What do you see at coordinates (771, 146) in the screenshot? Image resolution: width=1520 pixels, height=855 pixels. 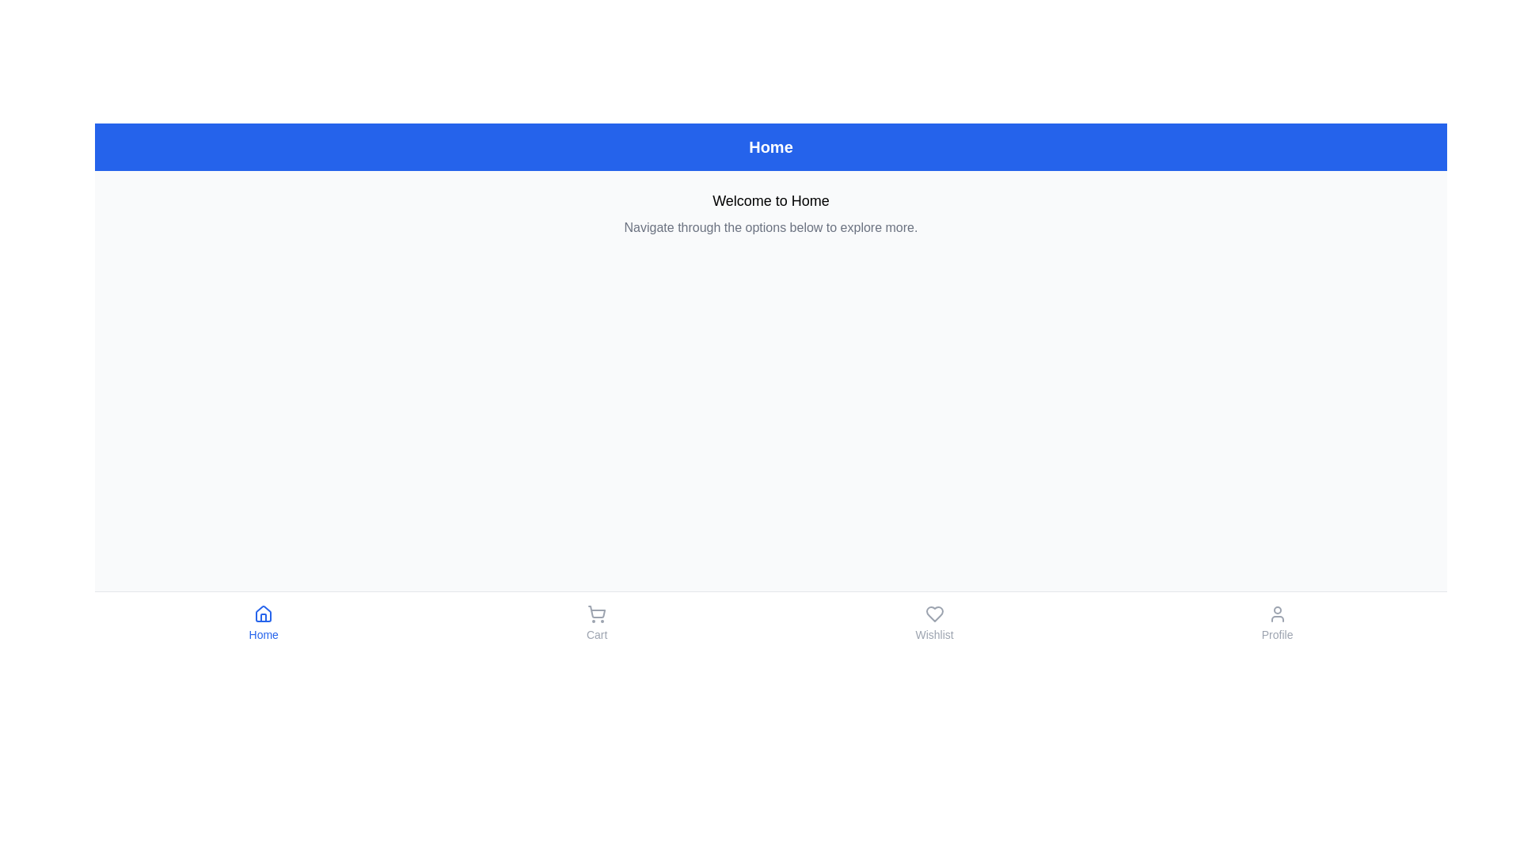 I see `the Header Region, which features a bold blue background with the word 'Home' in white, large, bold font at its center` at bounding box center [771, 146].